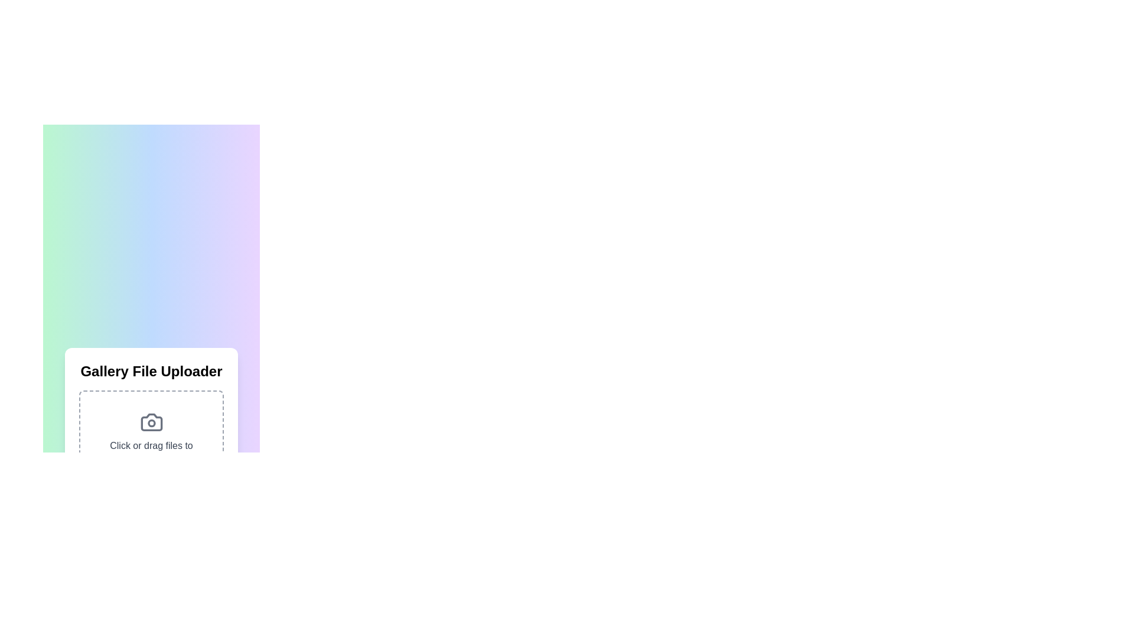 This screenshot has height=638, width=1134. What do you see at coordinates (151, 421) in the screenshot?
I see `the upload icon located above the text 'Click or drag files to upload' within the 'Gallery File Uploader' section` at bounding box center [151, 421].